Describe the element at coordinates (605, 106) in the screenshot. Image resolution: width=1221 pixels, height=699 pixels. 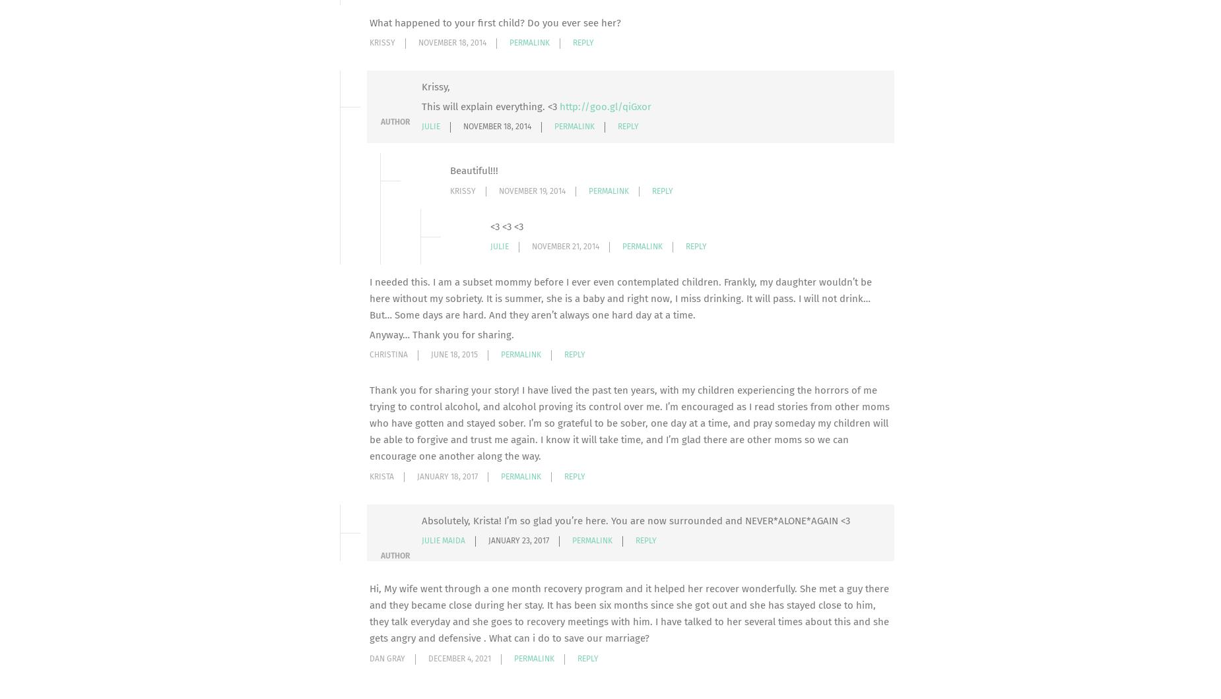
I see `'http://goo.gl/qiGxor'` at that location.